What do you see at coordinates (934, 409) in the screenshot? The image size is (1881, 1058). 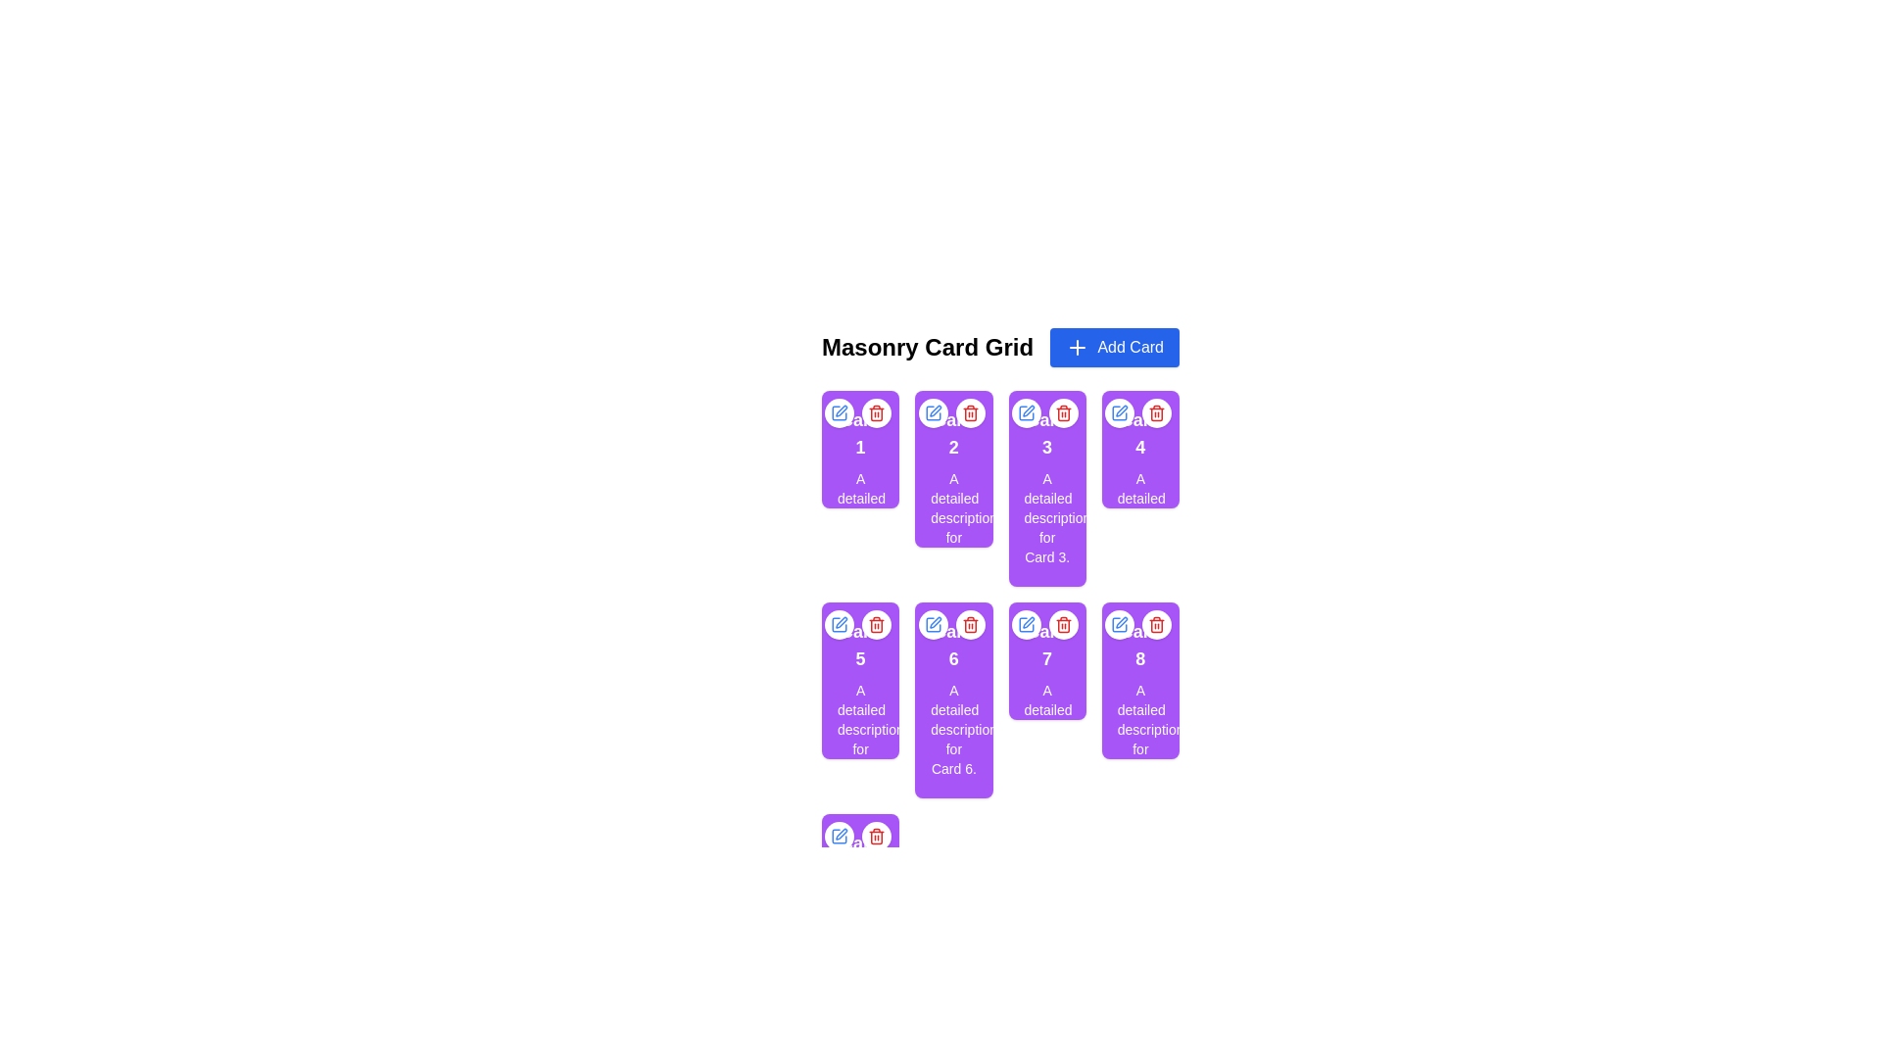 I see `the edit button located in the upper-left corner of the second card in the grid` at bounding box center [934, 409].